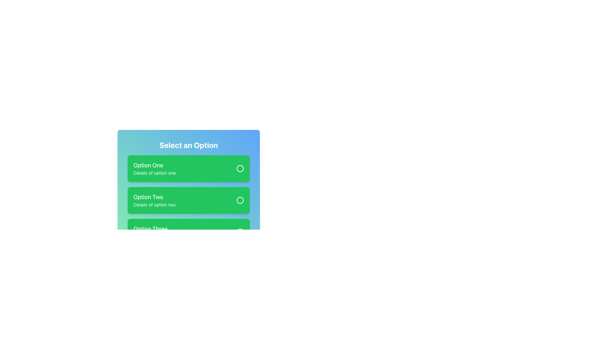 This screenshot has height=343, width=610. Describe the element at coordinates (240, 200) in the screenshot. I see `the radio button located to the right side of the 'Option Two' selectable item by` at that location.